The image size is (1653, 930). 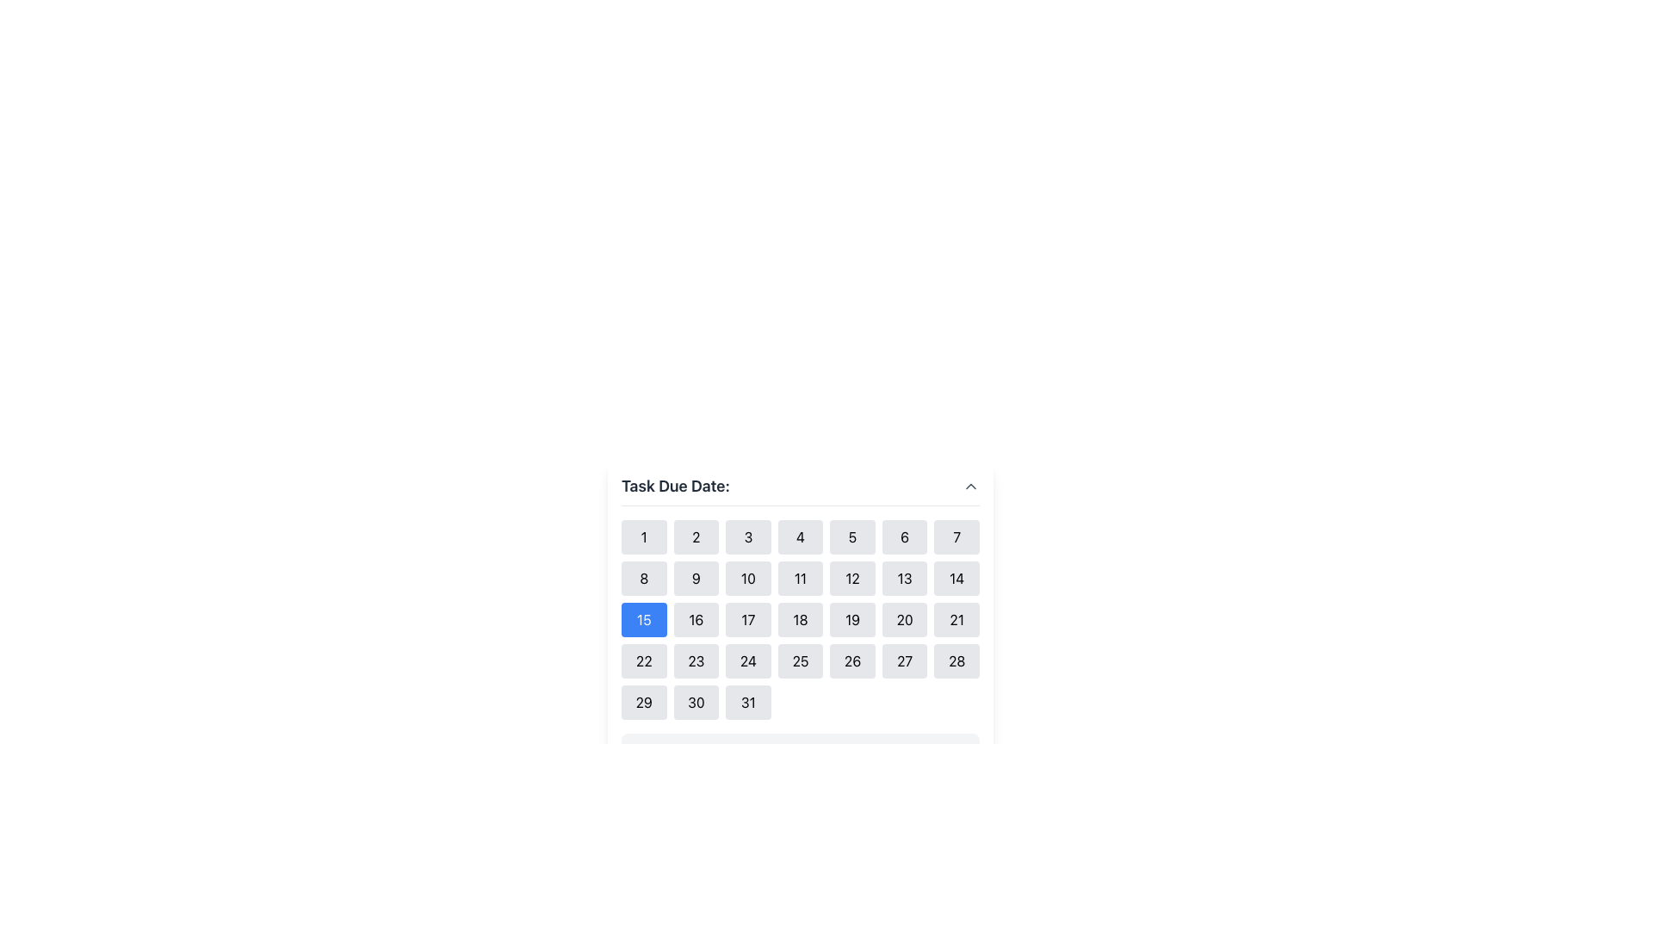 What do you see at coordinates (852, 536) in the screenshot?
I see `the button labeled '5' with a light gray background and black text` at bounding box center [852, 536].